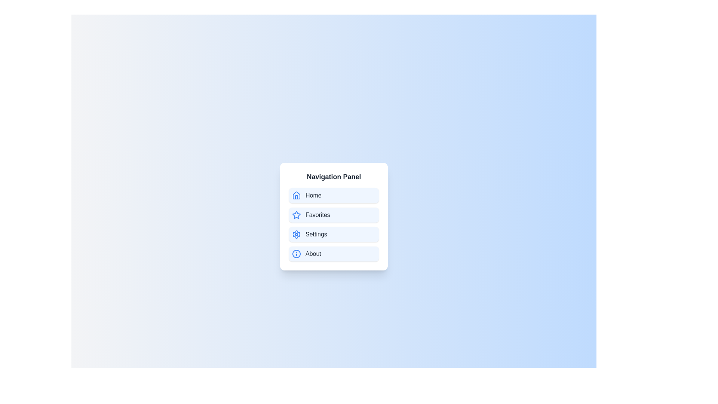  I want to click on the small vertical rectangle that is part of the house icon located beneath the roof portion of the house structure in the SVG, so click(296, 197).